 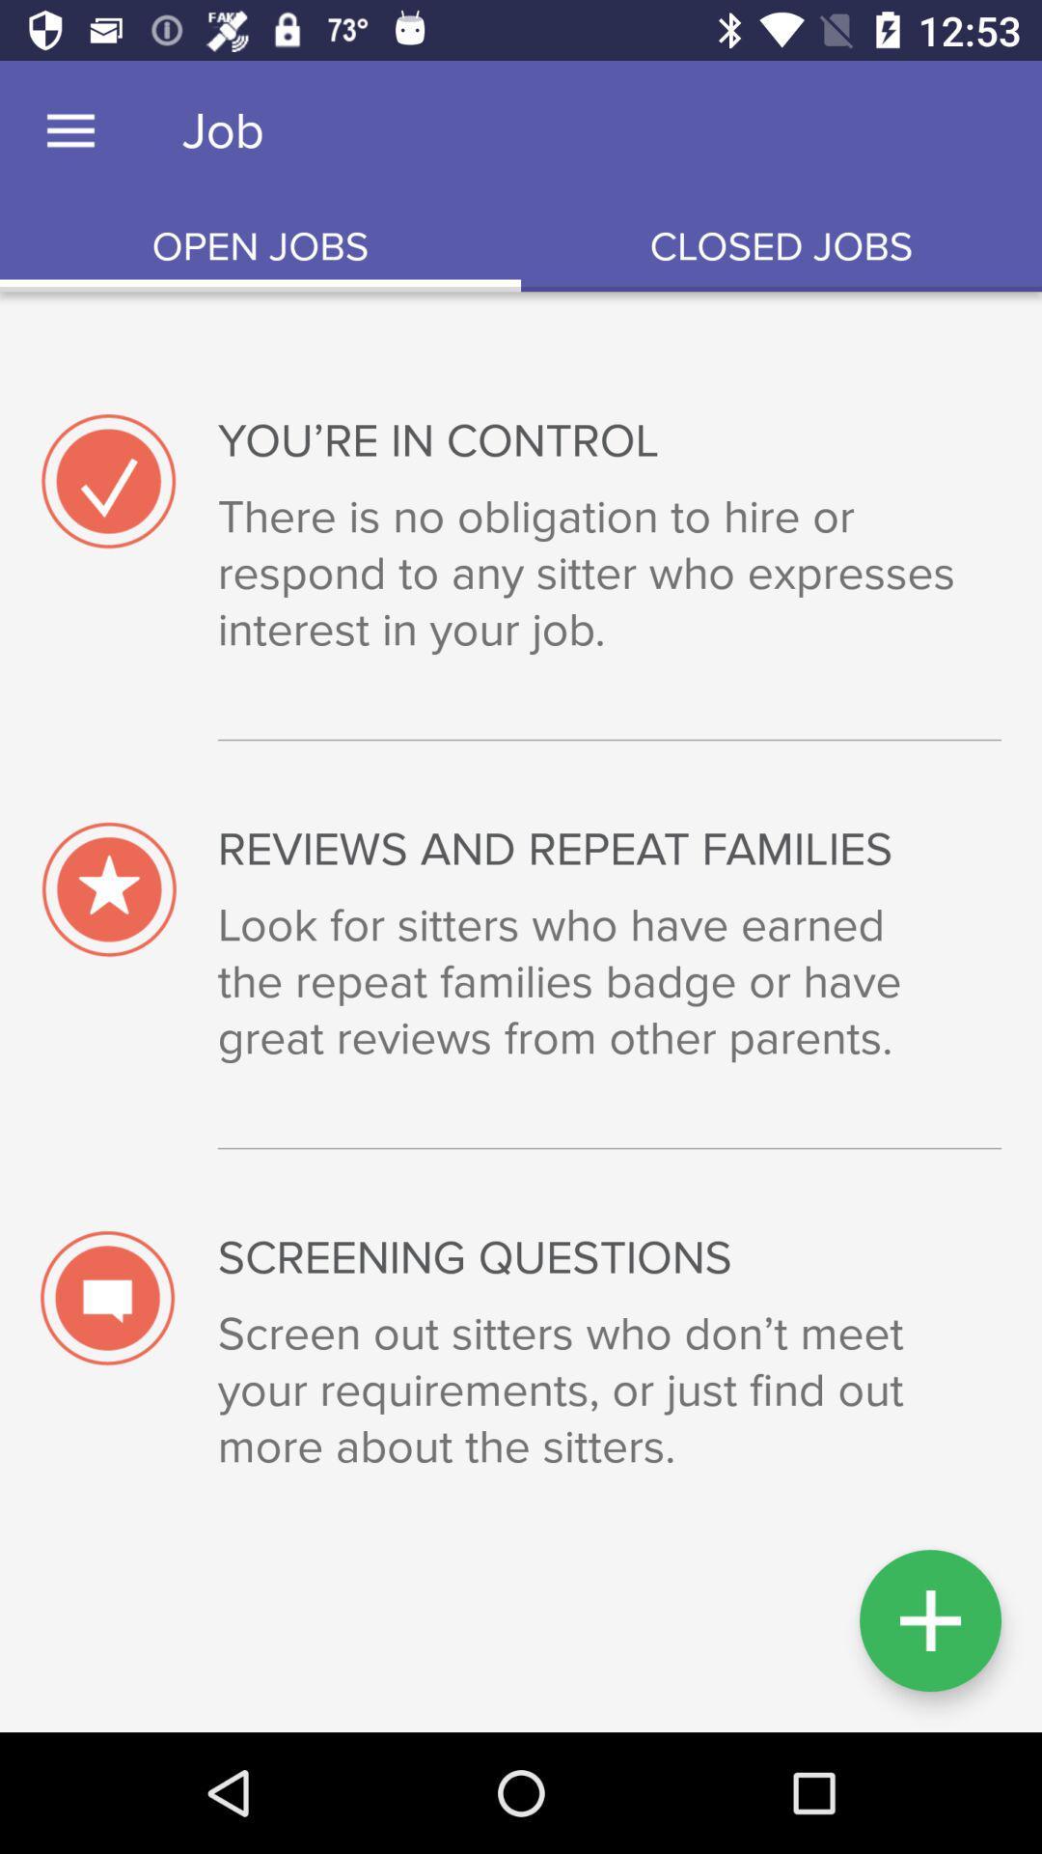 I want to click on account, so click(x=929, y=1620).